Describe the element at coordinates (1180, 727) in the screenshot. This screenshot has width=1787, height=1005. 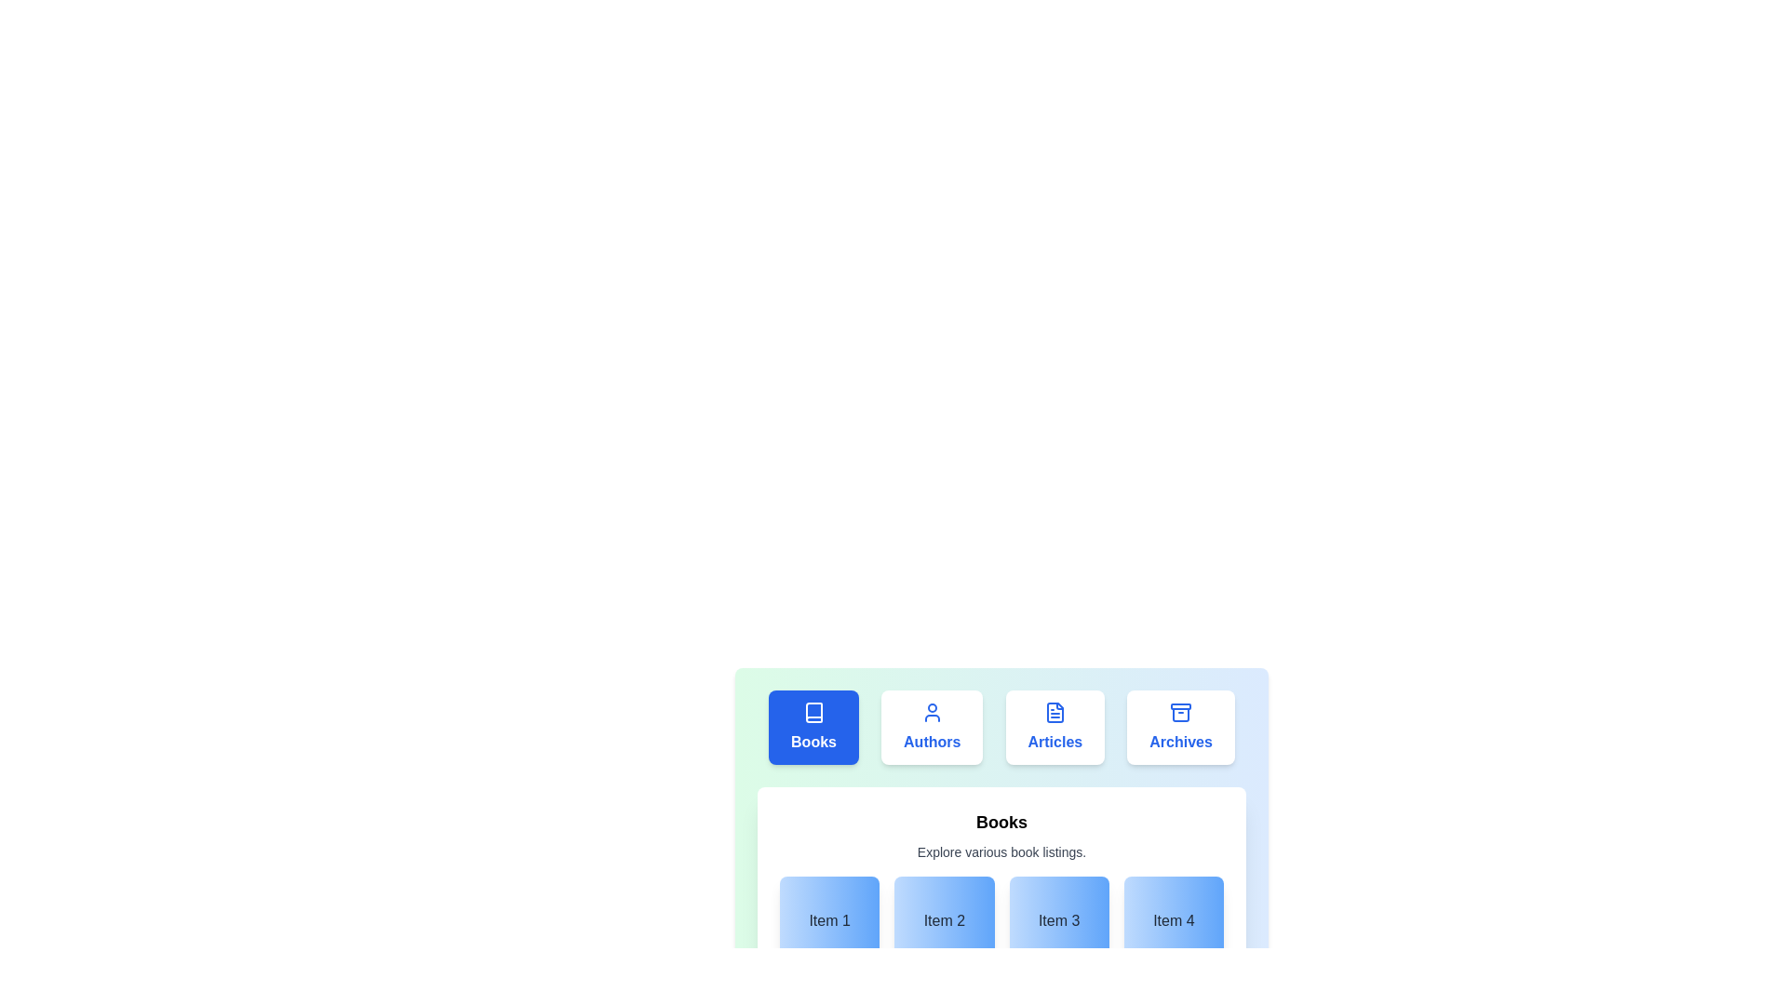
I see `the tab labeled Archives to activate it` at that location.